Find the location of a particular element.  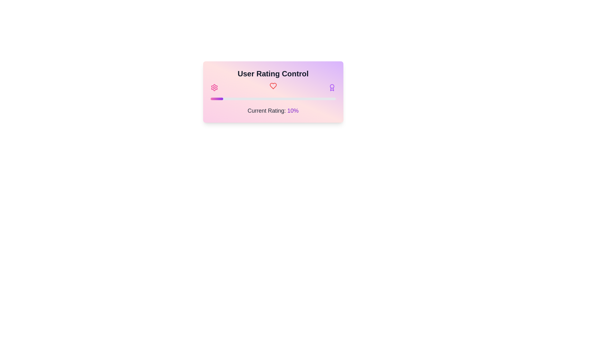

the filled portion of the progress bar segment, which indicates a 10% completion state is located at coordinates (217, 99).